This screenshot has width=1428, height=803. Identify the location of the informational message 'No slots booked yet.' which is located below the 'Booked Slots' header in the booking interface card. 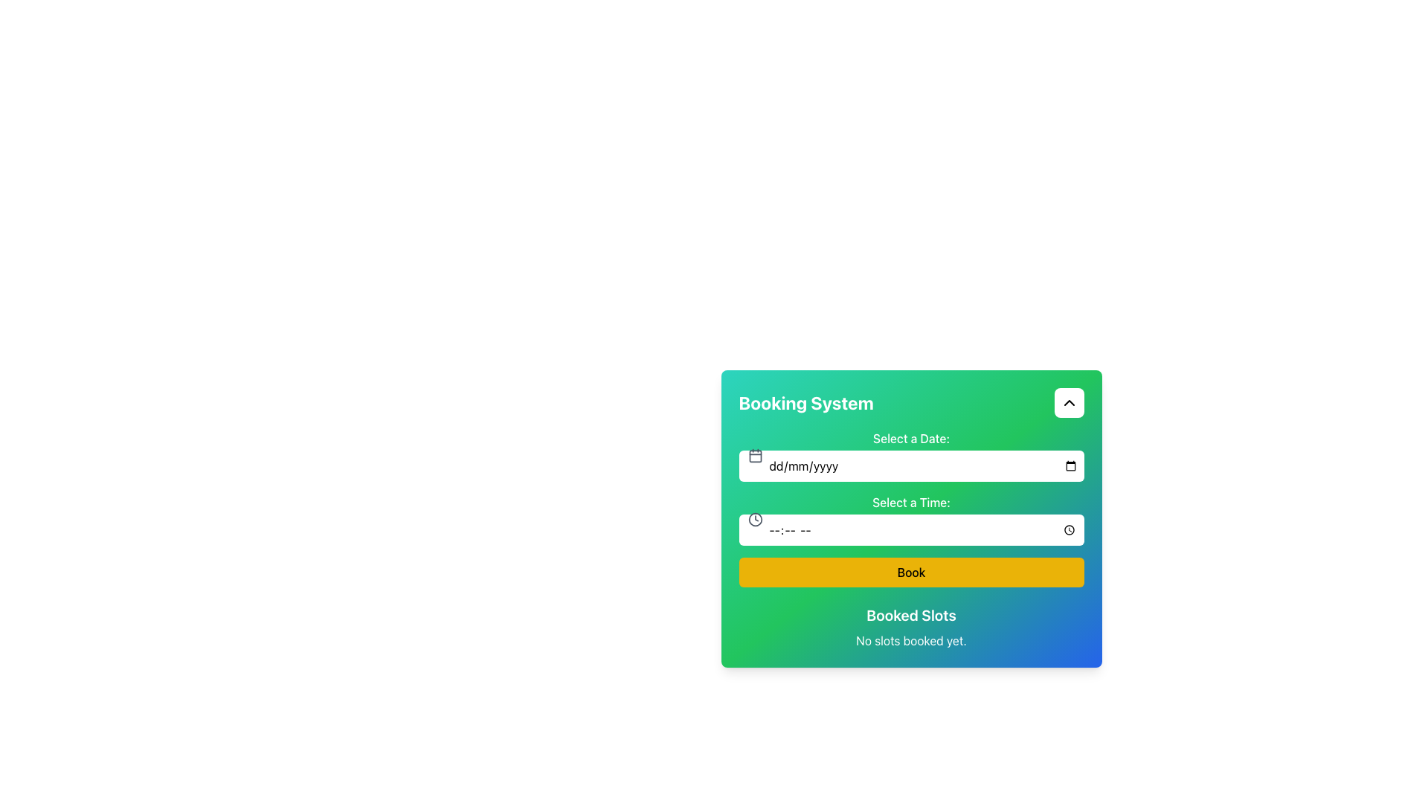
(910, 639).